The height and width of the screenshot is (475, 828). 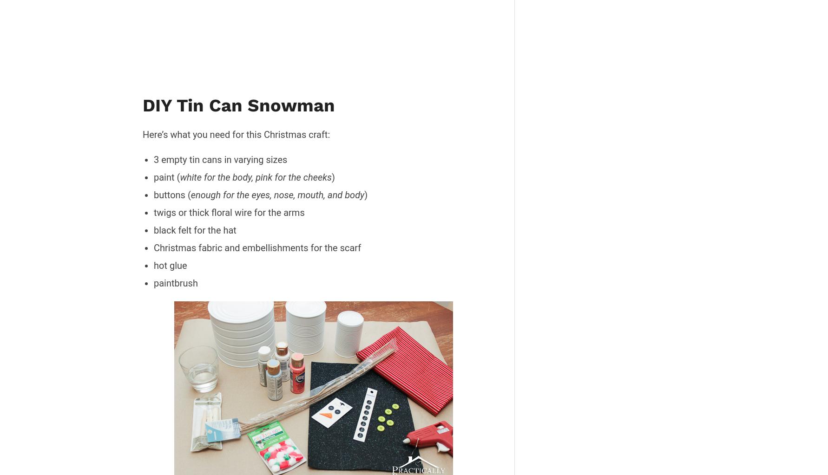 What do you see at coordinates (153, 195) in the screenshot?
I see `'buttons ('` at bounding box center [153, 195].